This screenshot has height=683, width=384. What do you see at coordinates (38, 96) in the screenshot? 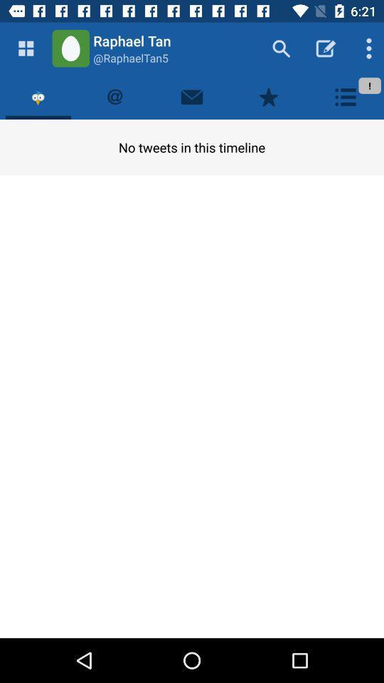
I see `tweet timeline` at bounding box center [38, 96].